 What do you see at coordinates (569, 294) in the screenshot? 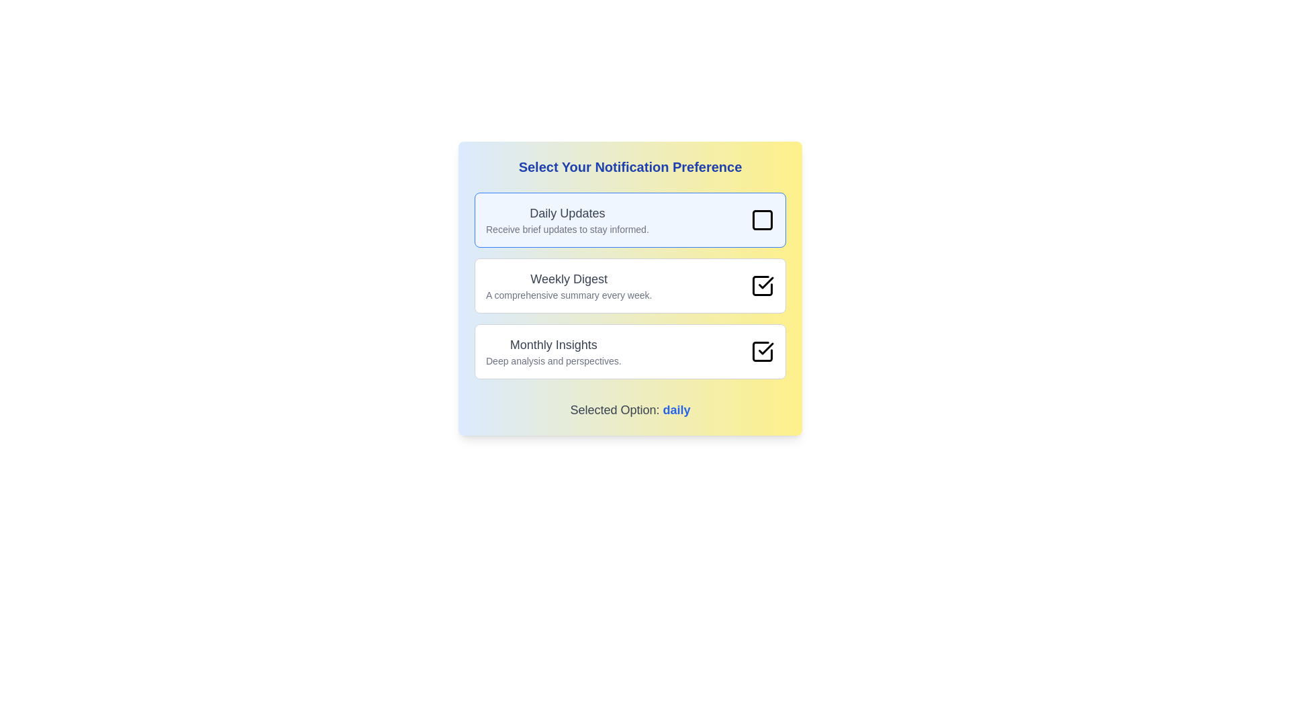
I see `text label that provides a comprehensive summary every week, located below the 'Weekly Digest' heading in the notification preference interface` at bounding box center [569, 294].